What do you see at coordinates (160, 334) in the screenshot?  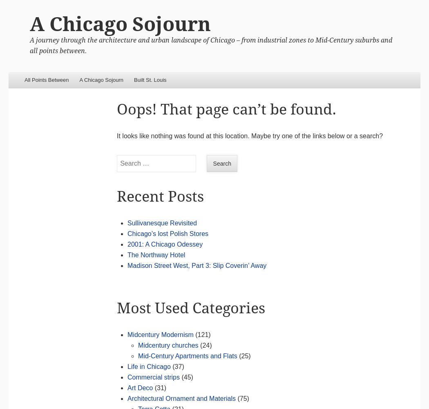 I see `'Midcentury Modernism'` at bounding box center [160, 334].